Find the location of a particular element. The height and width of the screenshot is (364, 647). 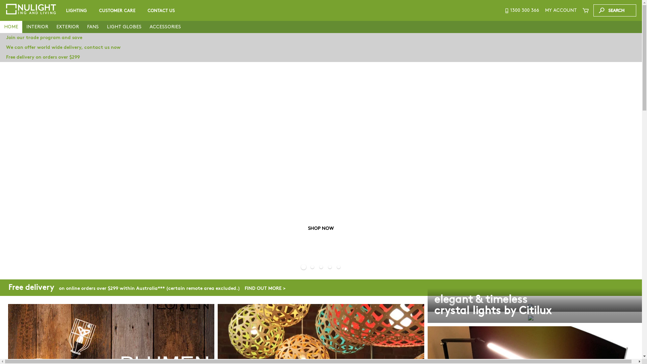

'LIGHTING' is located at coordinates (76, 10).